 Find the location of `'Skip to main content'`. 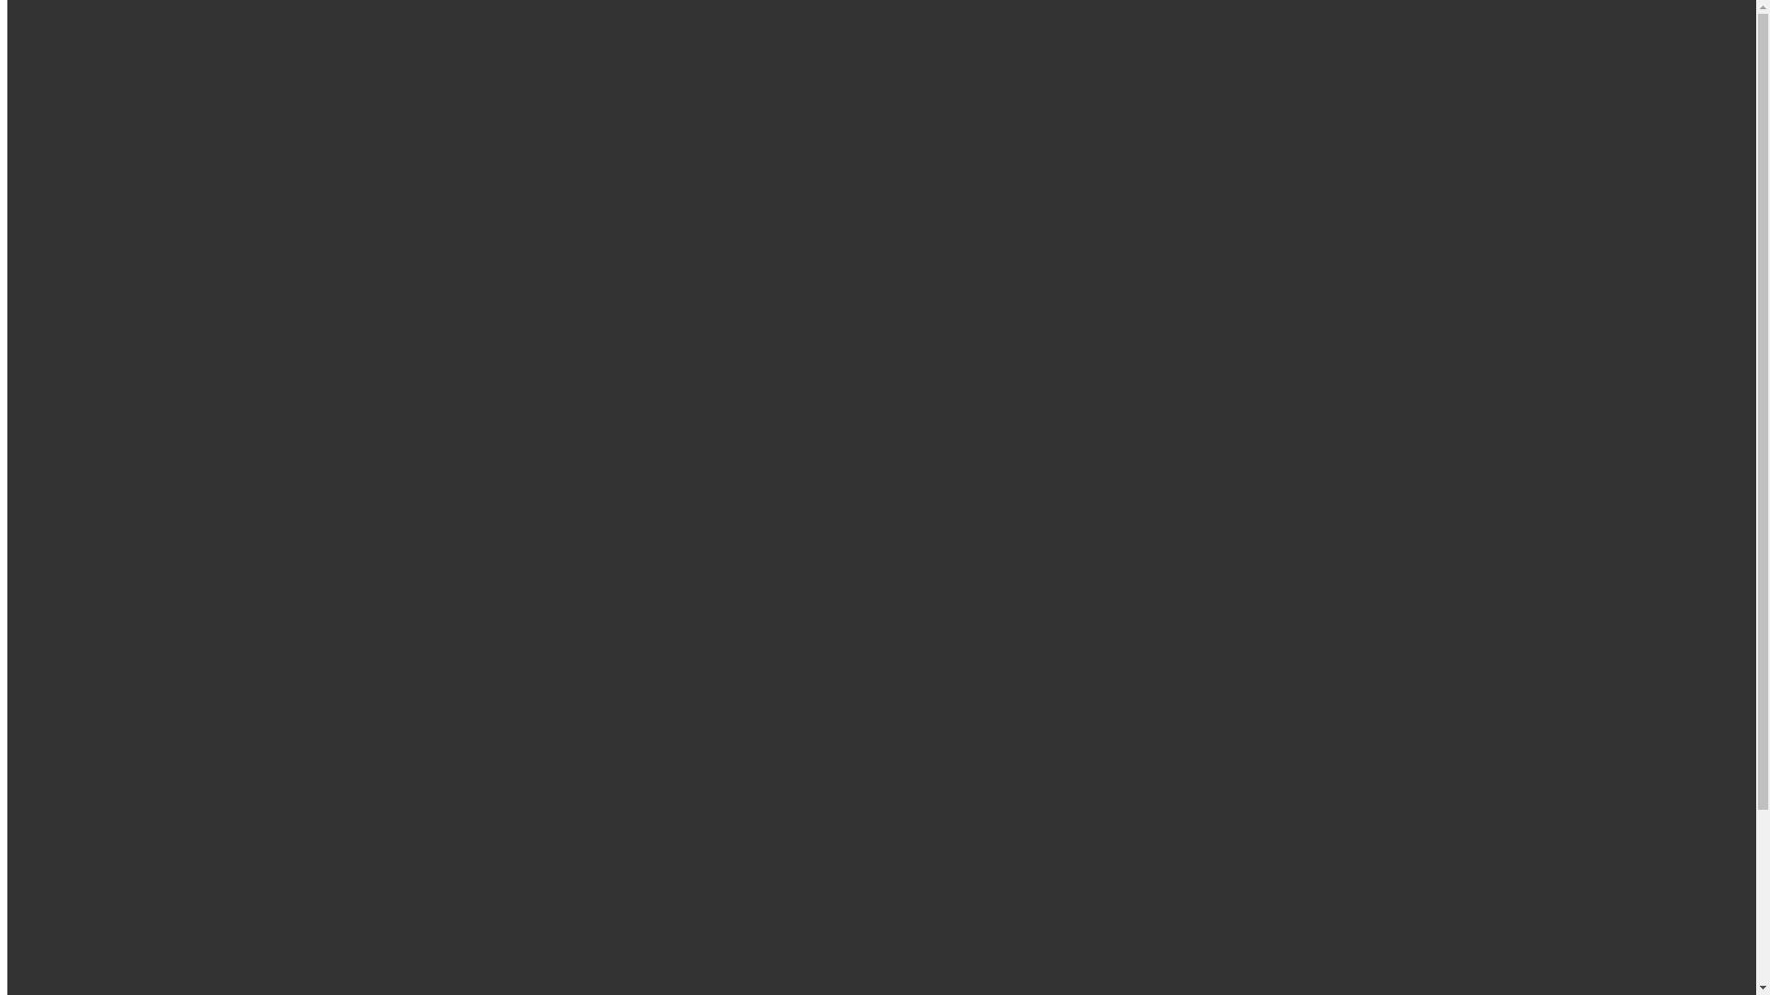

'Skip to main content' is located at coordinates (7, 19).